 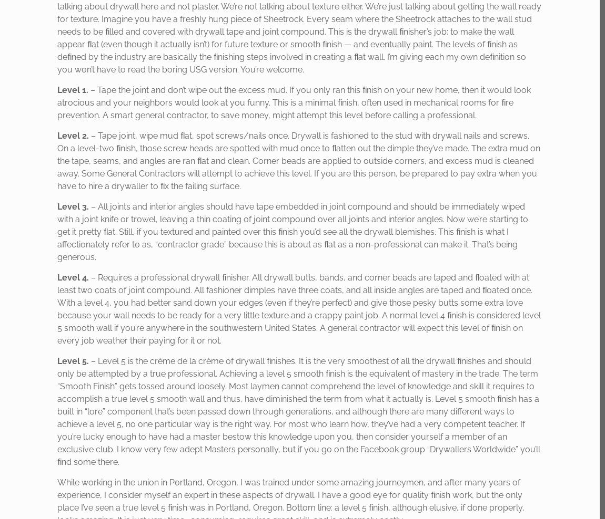 What do you see at coordinates (73, 361) in the screenshot?
I see `'Level 5.'` at bounding box center [73, 361].